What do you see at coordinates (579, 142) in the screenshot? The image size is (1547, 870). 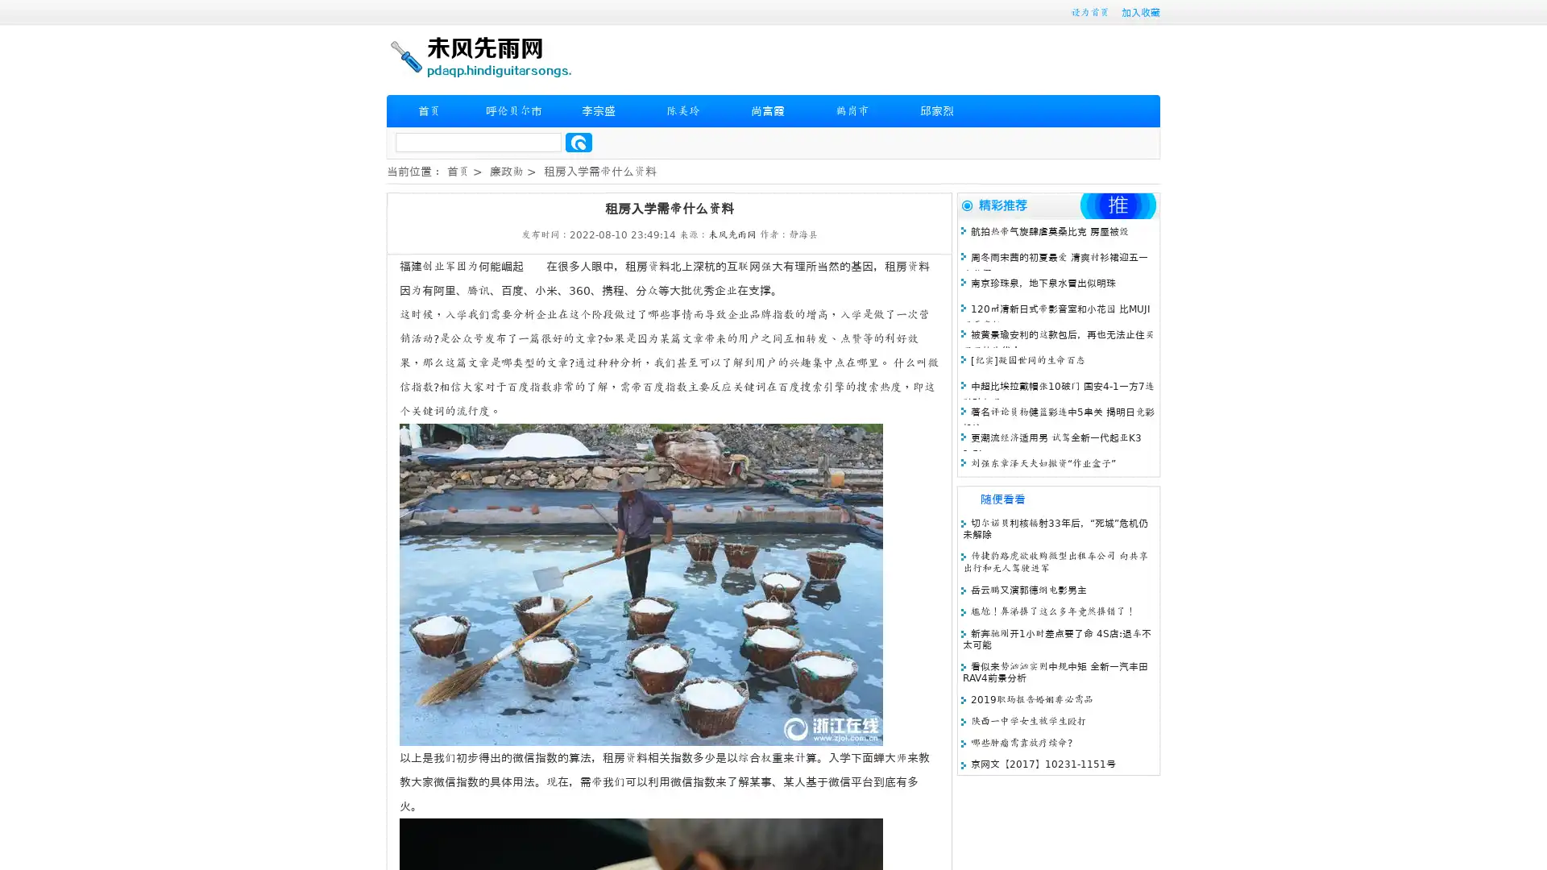 I see `Search` at bounding box center [579, 142].